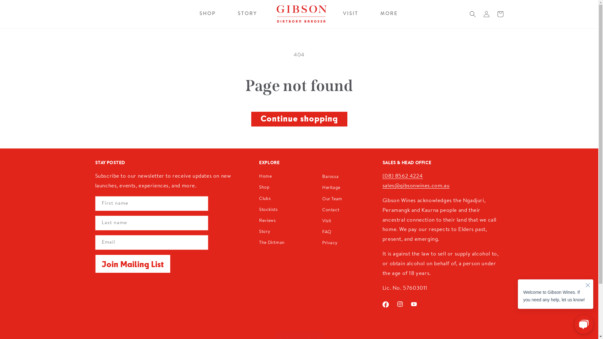 The image size is (603, 339). I want to click on 'Heritage', so click(331, 188).